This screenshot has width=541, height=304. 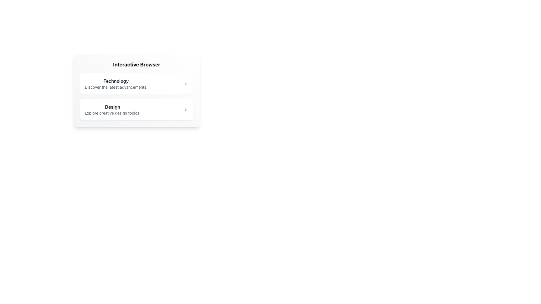 What do you see at coordinates (185, 84) in the screenshot?
I see `the right-chevron icon positioned at the far right end of the 'Technology' list item` at bounding box center [185, 84].